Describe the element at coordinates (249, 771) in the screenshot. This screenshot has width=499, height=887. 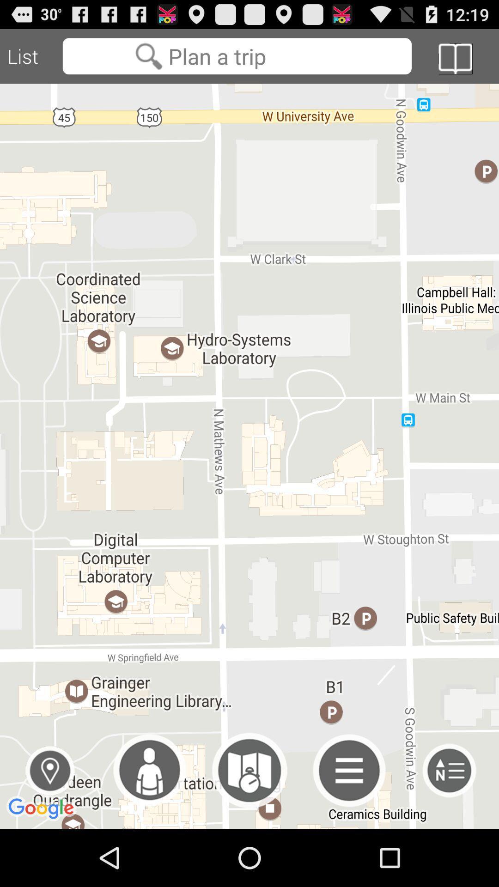
I see `item at the bottom` at that location.